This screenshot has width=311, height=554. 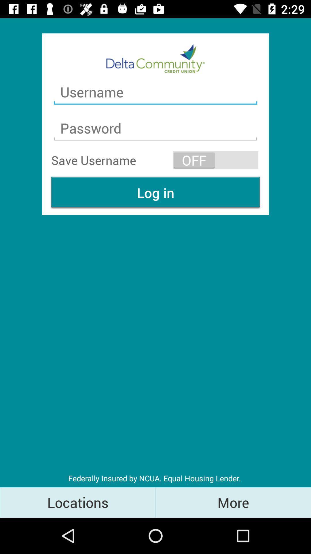 What do you see at coordinates (233, 502) in the screenshot?
I see `the item below federally insured by icon` at bounding box center [233, 502].